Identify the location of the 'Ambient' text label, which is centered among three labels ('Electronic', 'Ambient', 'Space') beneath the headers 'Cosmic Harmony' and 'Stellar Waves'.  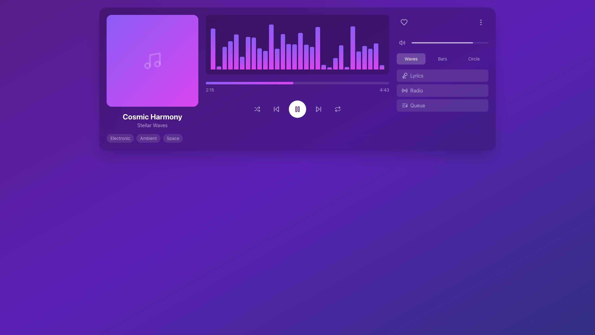
(152, 138).